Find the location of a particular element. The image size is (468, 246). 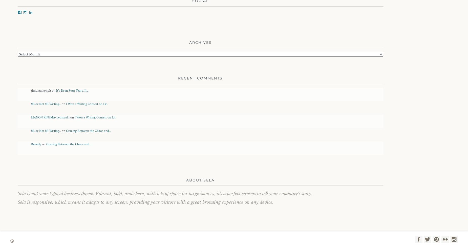

'Recent Comments' is located at coordinates (200, 78).